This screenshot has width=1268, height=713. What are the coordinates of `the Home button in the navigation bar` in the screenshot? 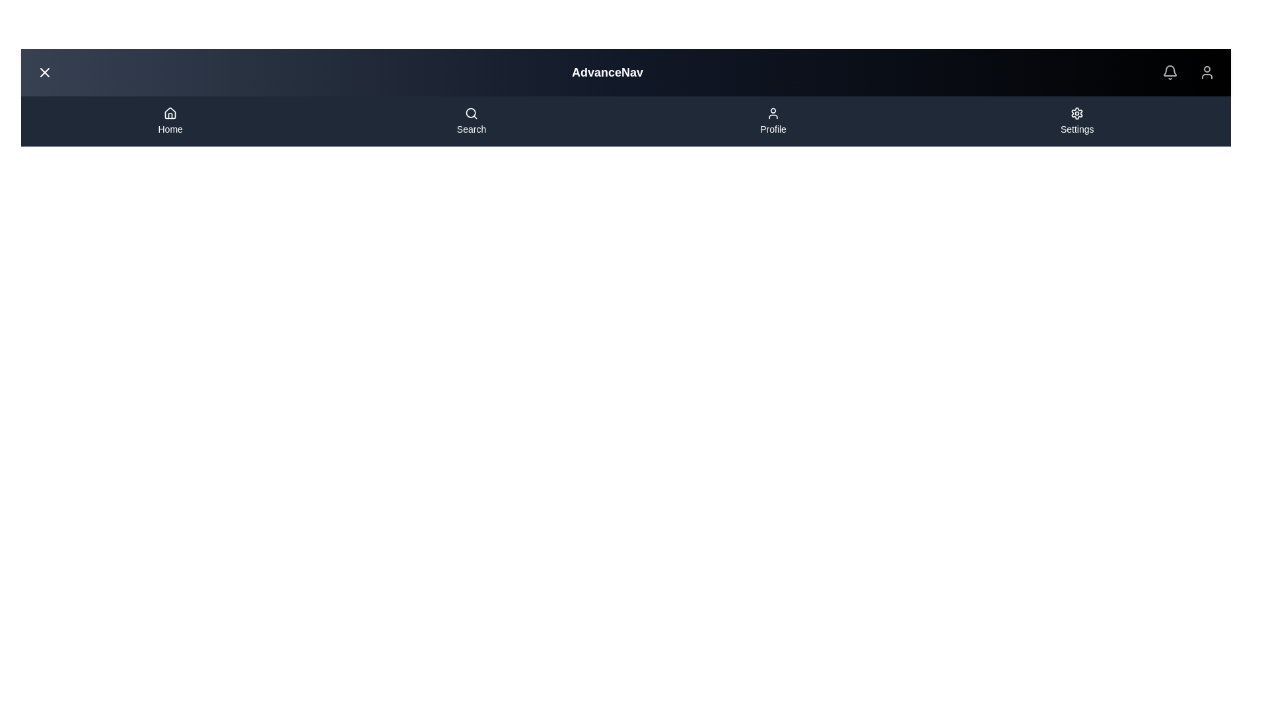 It's located at (170, 121).